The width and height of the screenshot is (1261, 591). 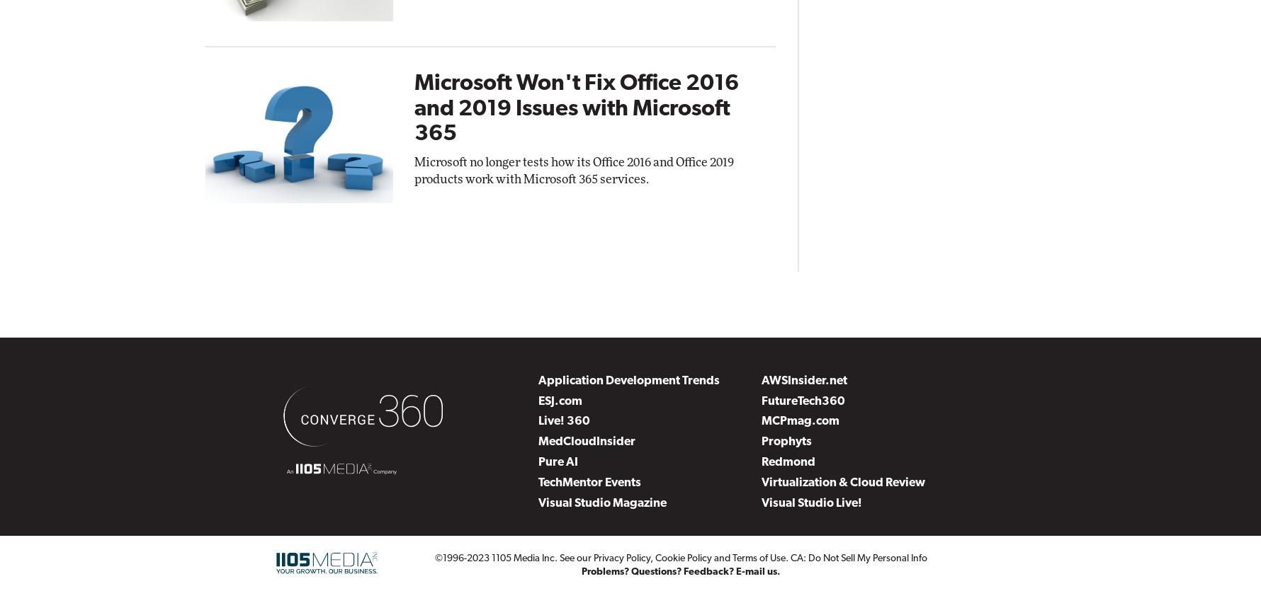 What do you see at coordinates (721, 557) in the screenshot?
I see `'and'` at bounding box center [721, 557].